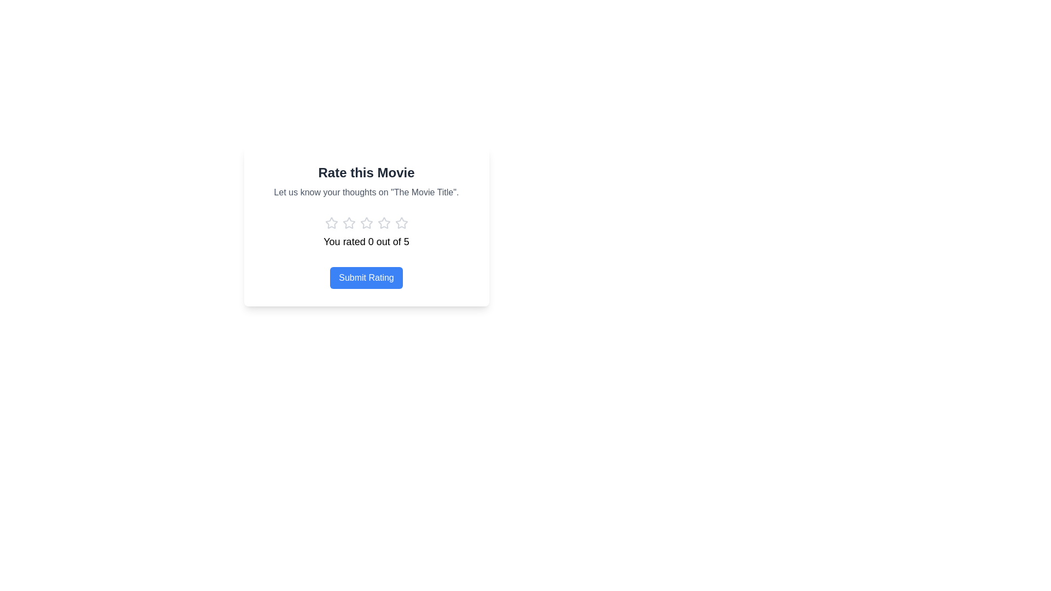  I want to click on the text label that informs the user about their current rating, which is initialized to 0 out of 5, located beneath the row of five star icons and above the 'Submit Rating' button, so click(366, 241).